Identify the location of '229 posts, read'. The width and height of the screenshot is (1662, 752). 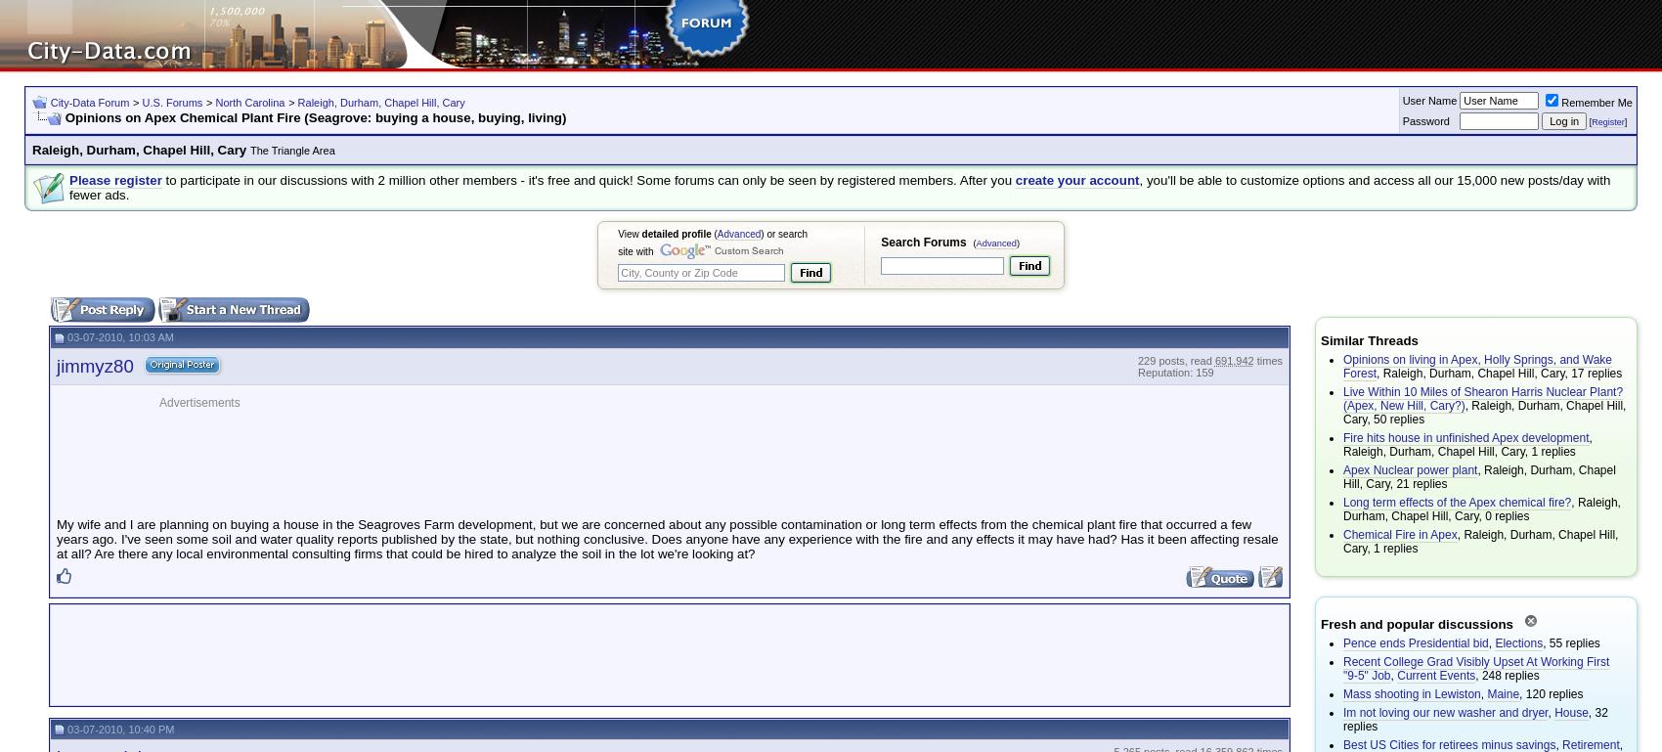
(1174, 358).